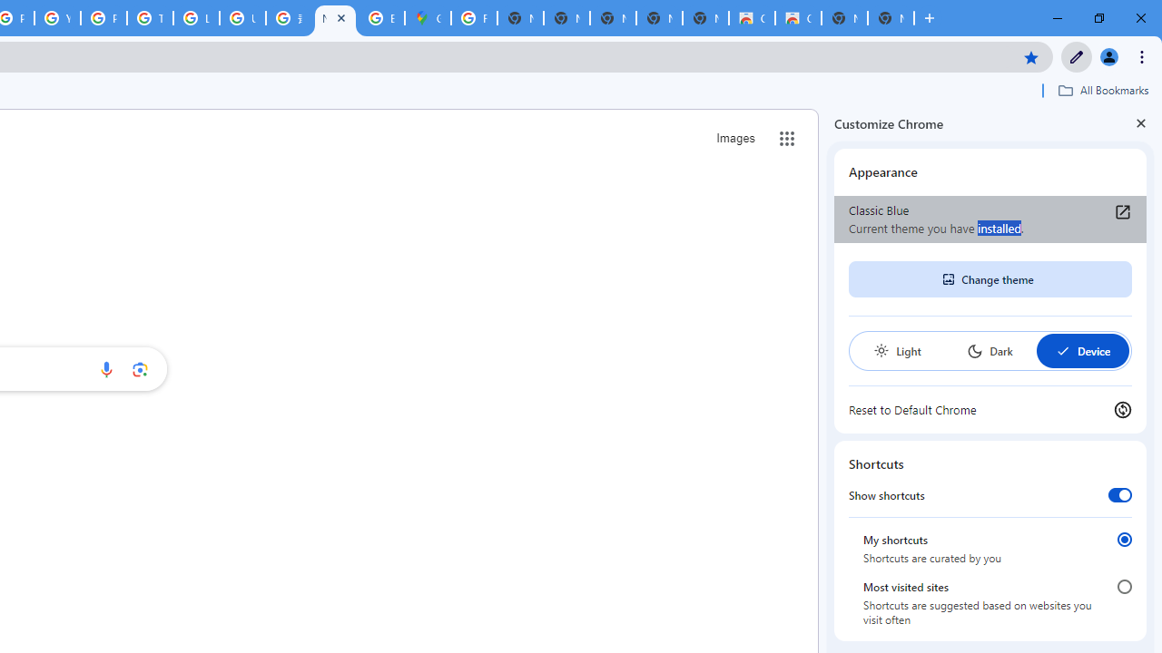  I want to click on 'Classic Blue - Chrome Web Store', so click(752, 18).